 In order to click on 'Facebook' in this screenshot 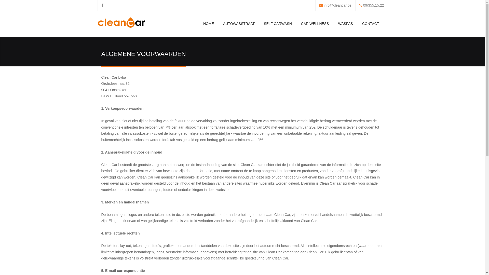, I will do `click(102, 5)`.